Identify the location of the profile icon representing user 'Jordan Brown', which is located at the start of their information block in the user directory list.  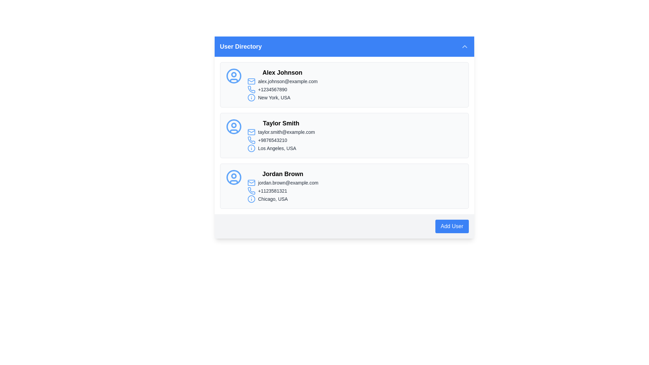
(234, 177).